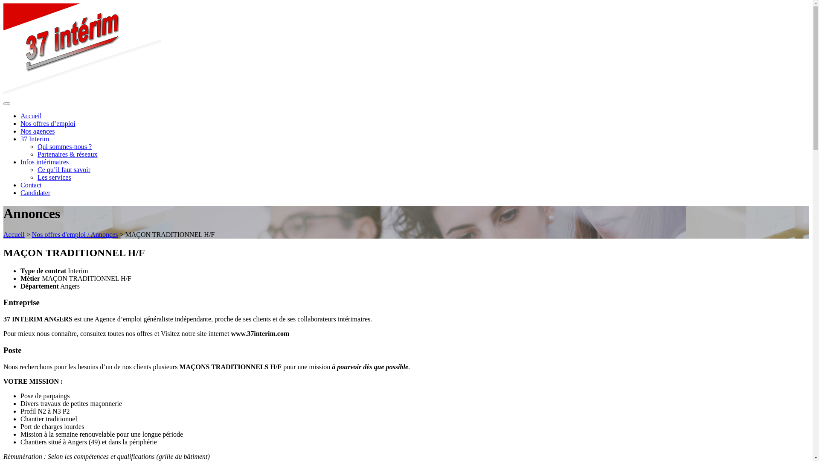 The image size is (819, 461). What do you see at coordinates (31, 116) in the screenshot?
I see `'Accueil'` at bounding box center [31, 116].